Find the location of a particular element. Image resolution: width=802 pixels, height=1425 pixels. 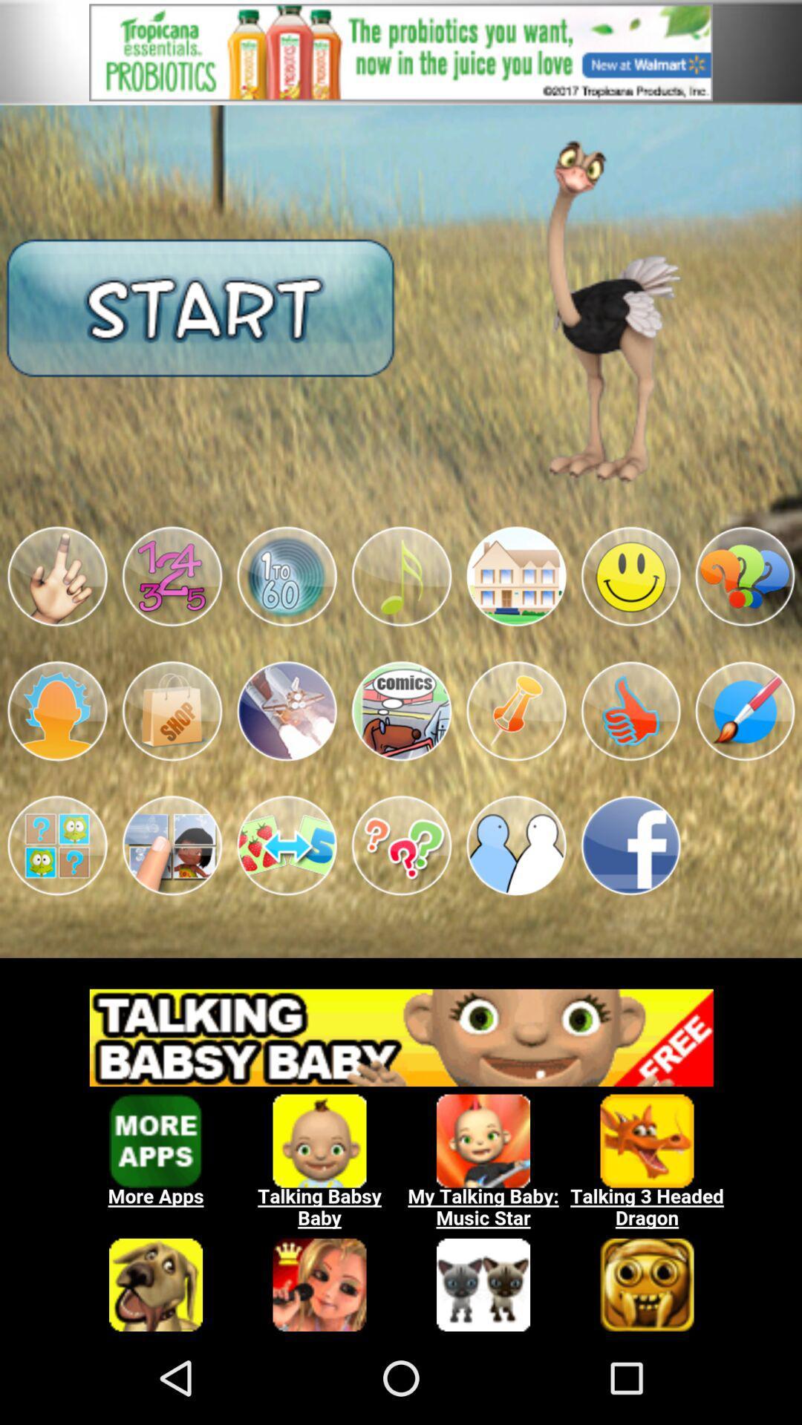

for emojis is located at coordinates (171, 576).